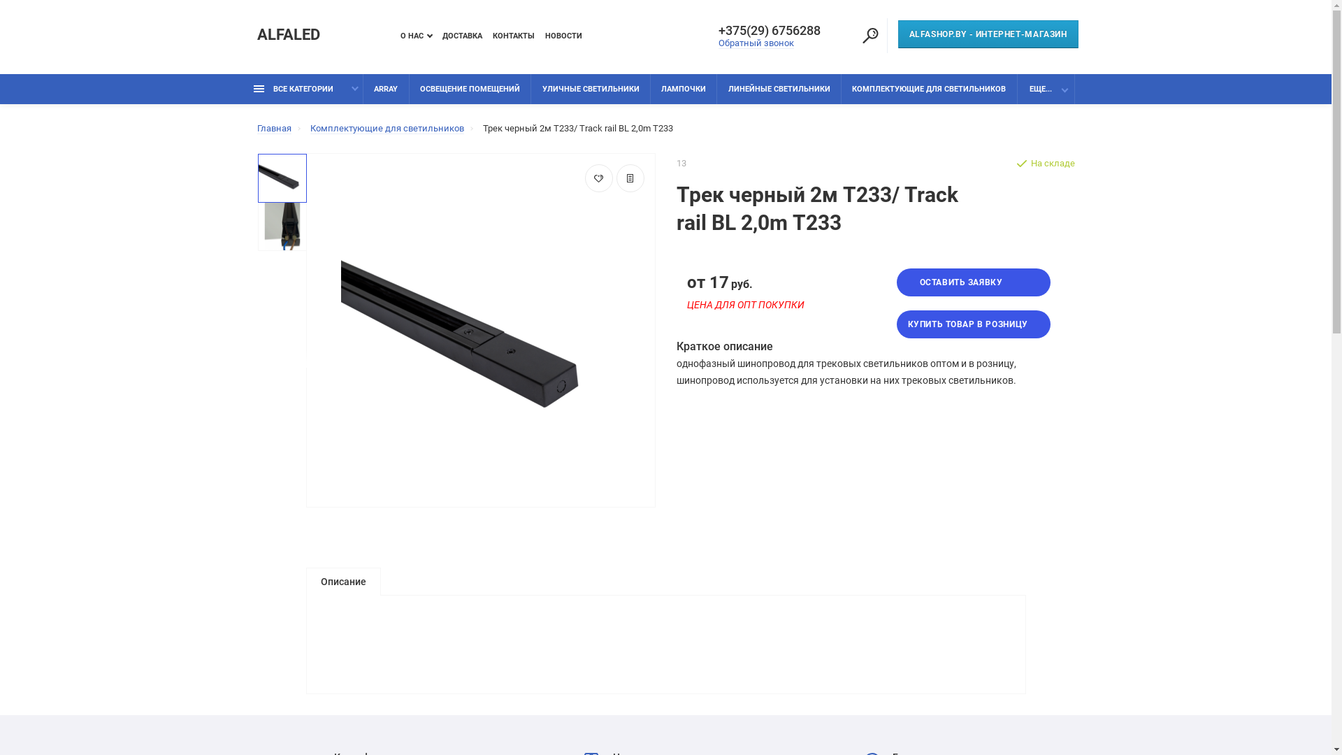 Image resolution: width=1342 pixels, height=755 pixels. I want to click on 'ARRAY', so click(363, 89).